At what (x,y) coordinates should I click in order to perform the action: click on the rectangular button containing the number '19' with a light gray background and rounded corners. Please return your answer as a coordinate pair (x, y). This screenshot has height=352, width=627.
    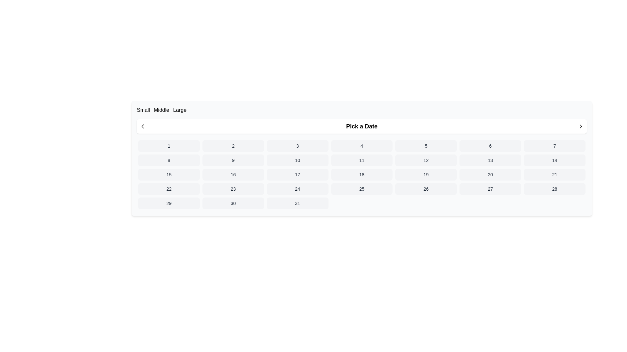
    Looking at the image, I should click on (426, 174).